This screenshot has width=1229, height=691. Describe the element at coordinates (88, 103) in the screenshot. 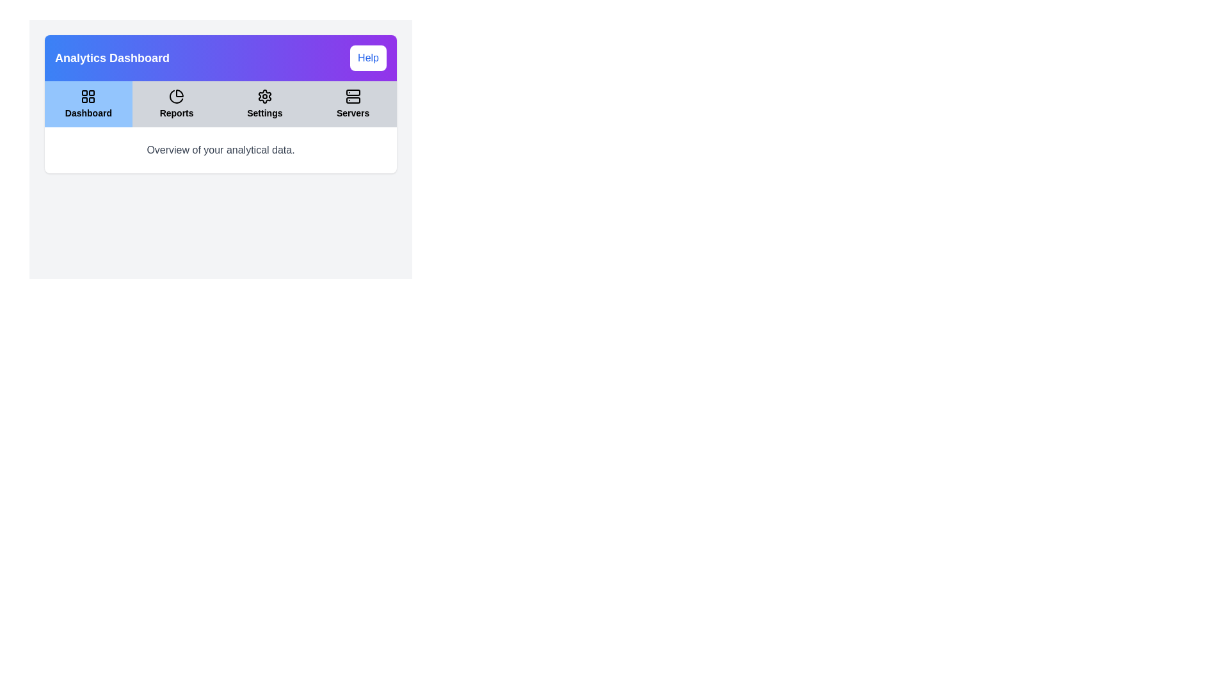

I see `the 'Dashboard' button with a grid icon, which is the first item in the horizontal menu bar, to activate hover effects` at that location.